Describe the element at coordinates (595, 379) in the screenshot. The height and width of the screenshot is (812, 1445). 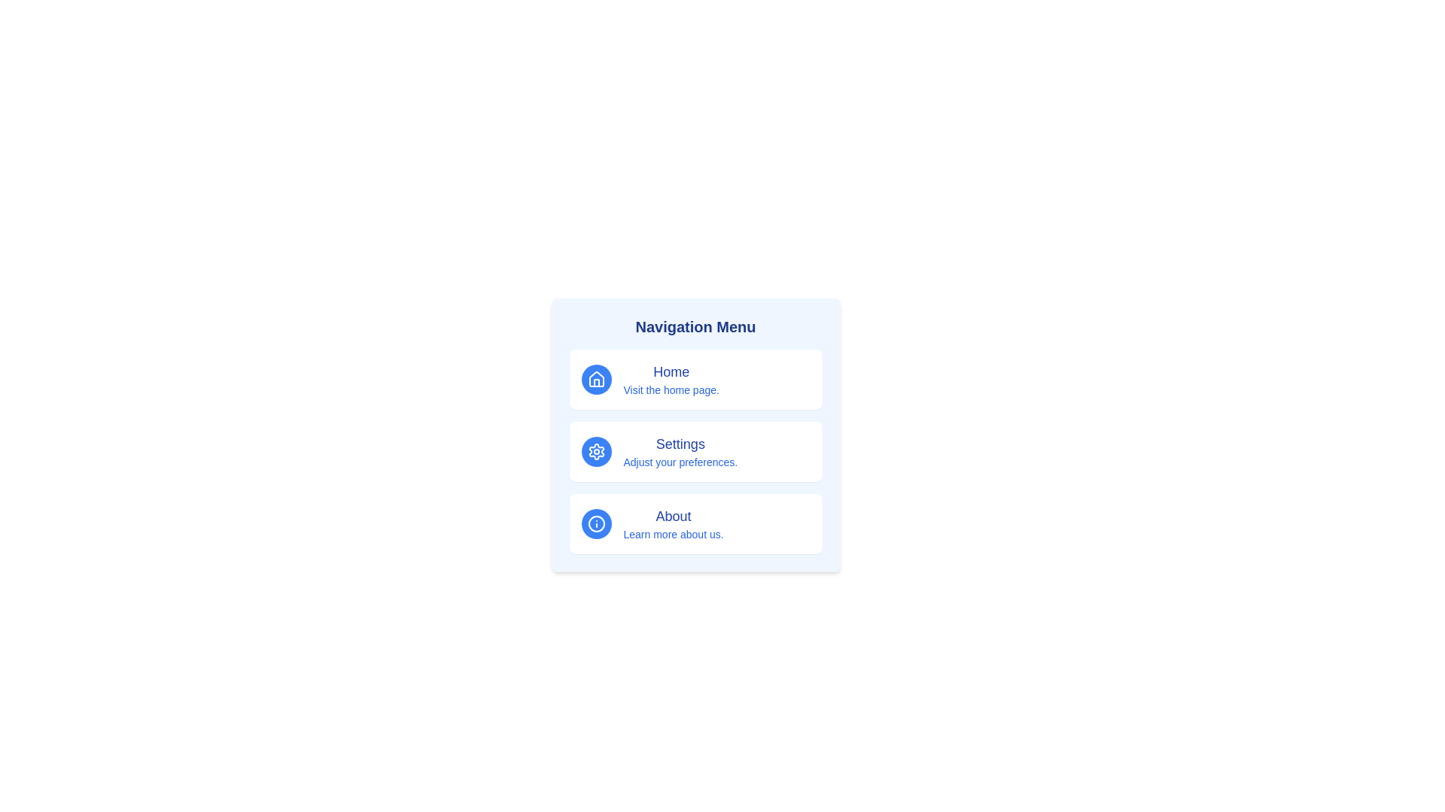
I see `the circular button located in the uppermost card of the 'Navigation Menu'` at that location.